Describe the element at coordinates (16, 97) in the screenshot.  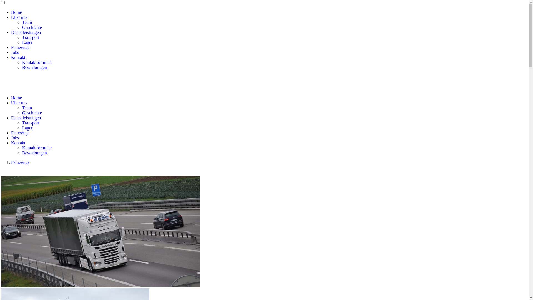
I see `'Home'` at that location.